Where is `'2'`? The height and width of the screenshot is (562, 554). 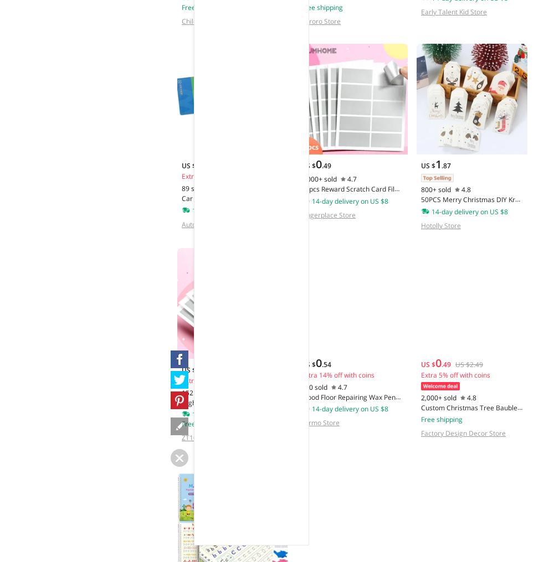
'2' is located at coordinates (196, 163).